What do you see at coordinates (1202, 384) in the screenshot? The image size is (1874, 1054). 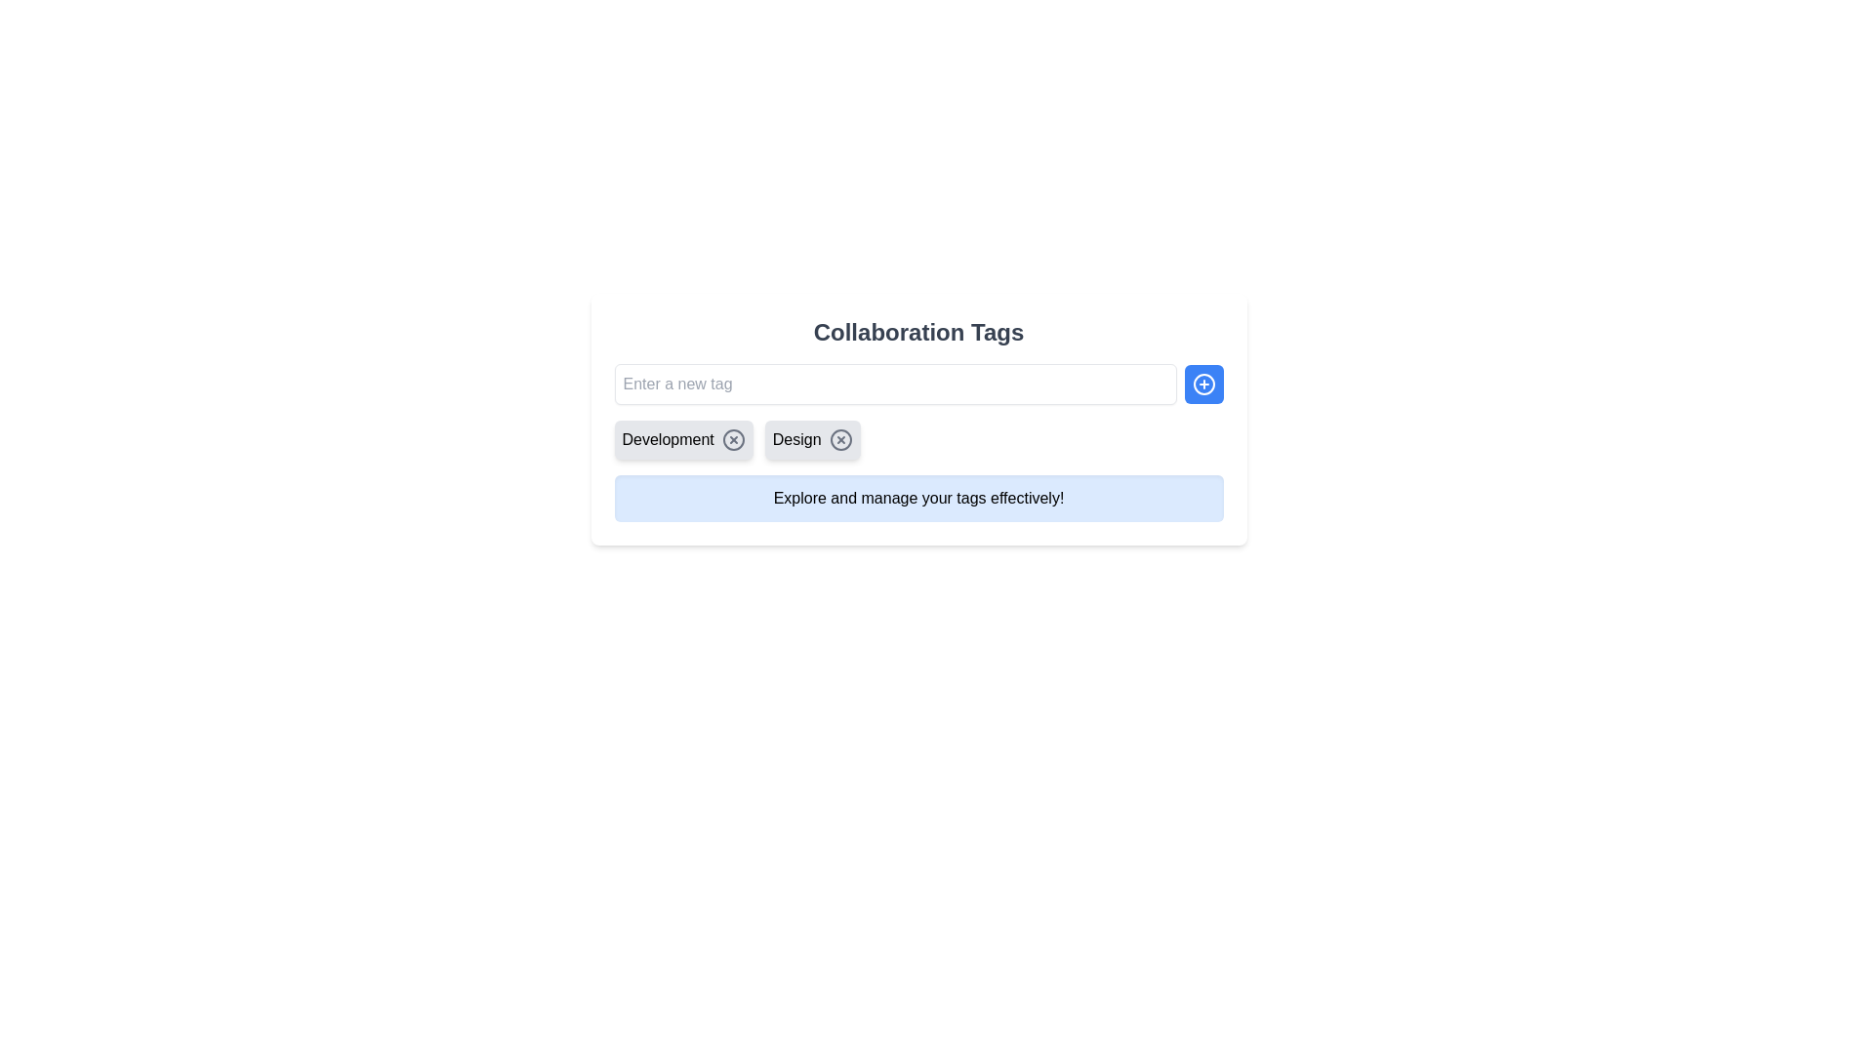 I see `the '+' icon located to the far right of the text input field, which includes this SVG Circle element as part of its design` at bounding box center [1202, 384].